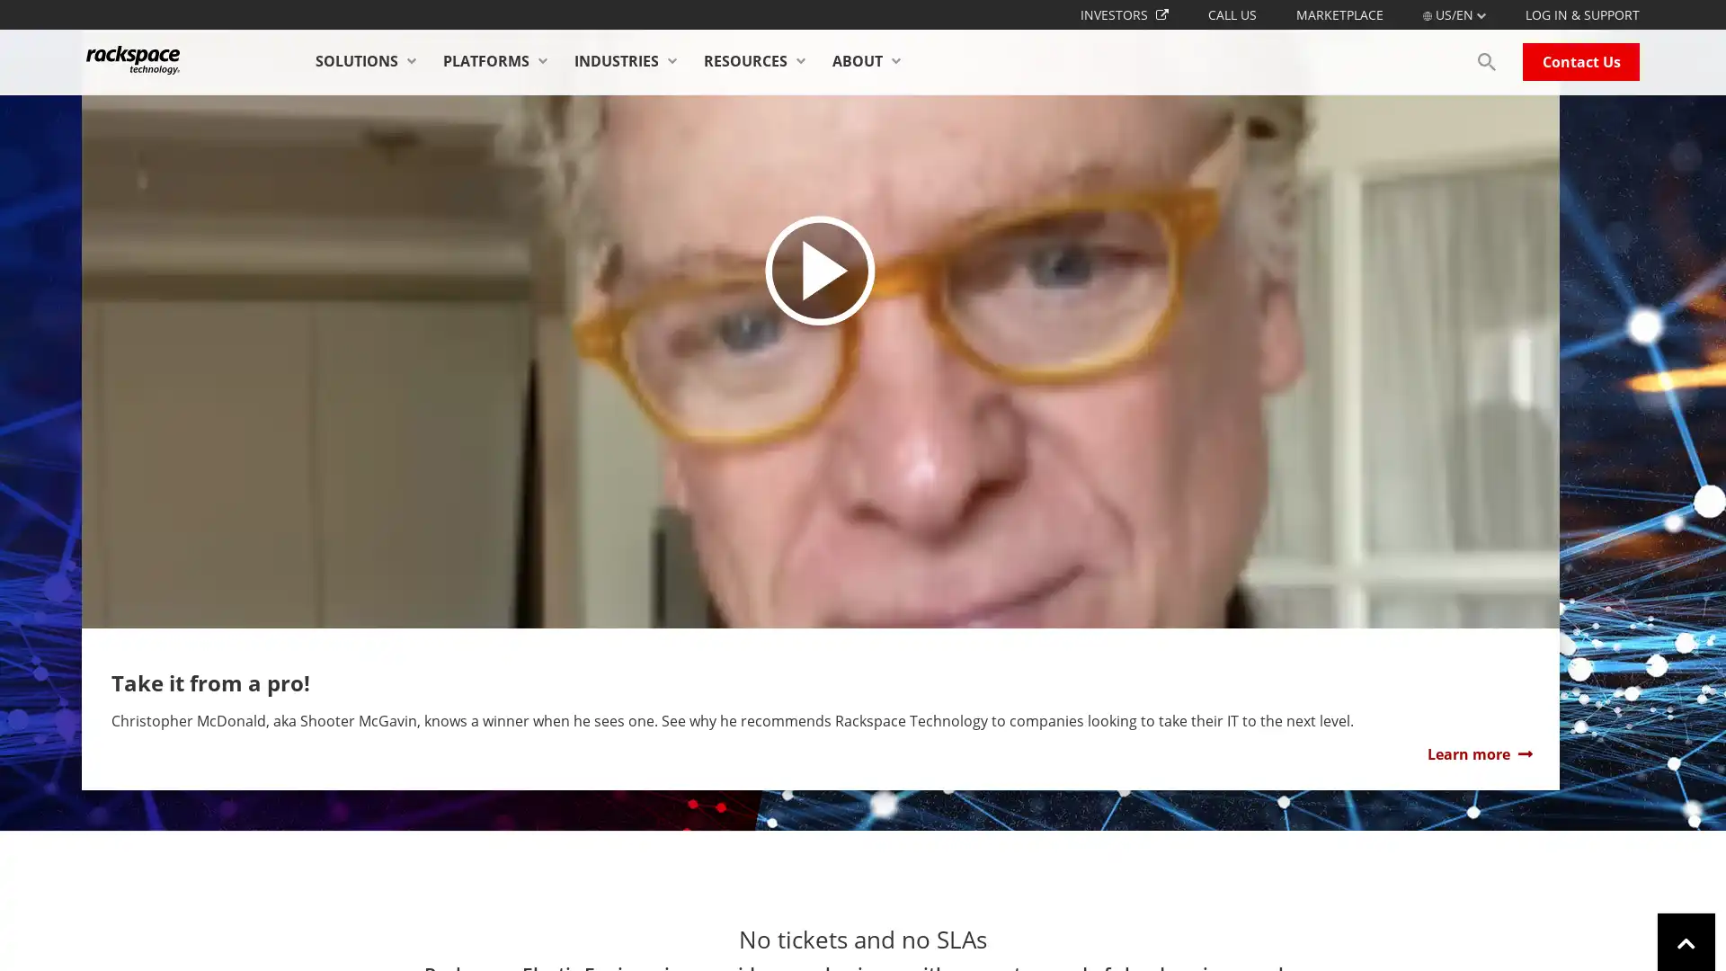 The height and width of the screenshot is (971, 1726). I want to click on Close, so click(1695, 931).